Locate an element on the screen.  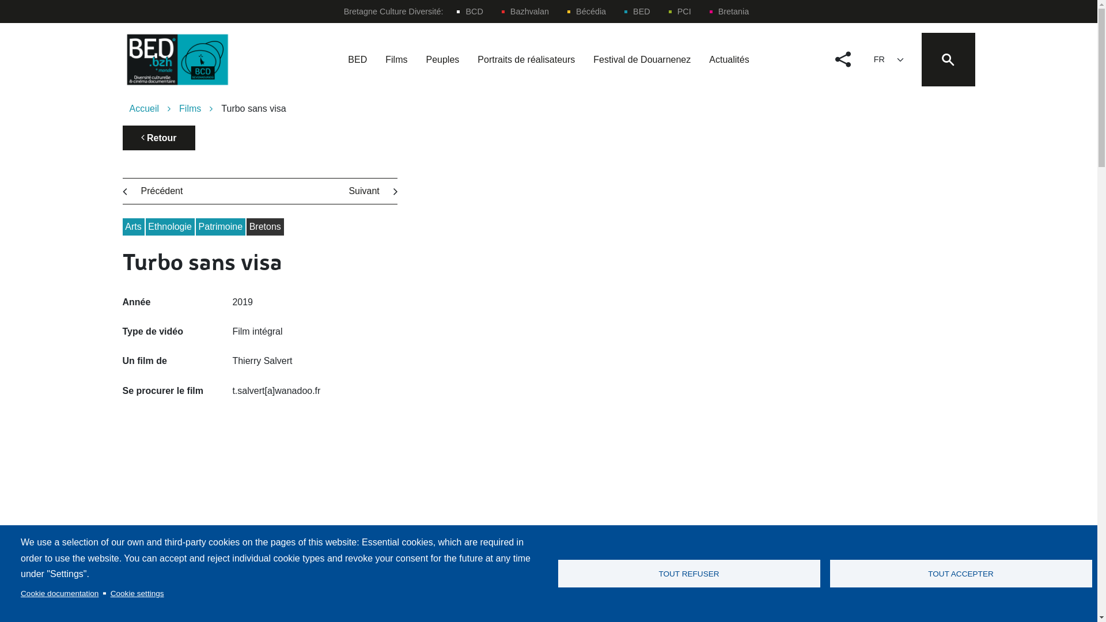
'Peuples' is located at coordinates (442, 59).